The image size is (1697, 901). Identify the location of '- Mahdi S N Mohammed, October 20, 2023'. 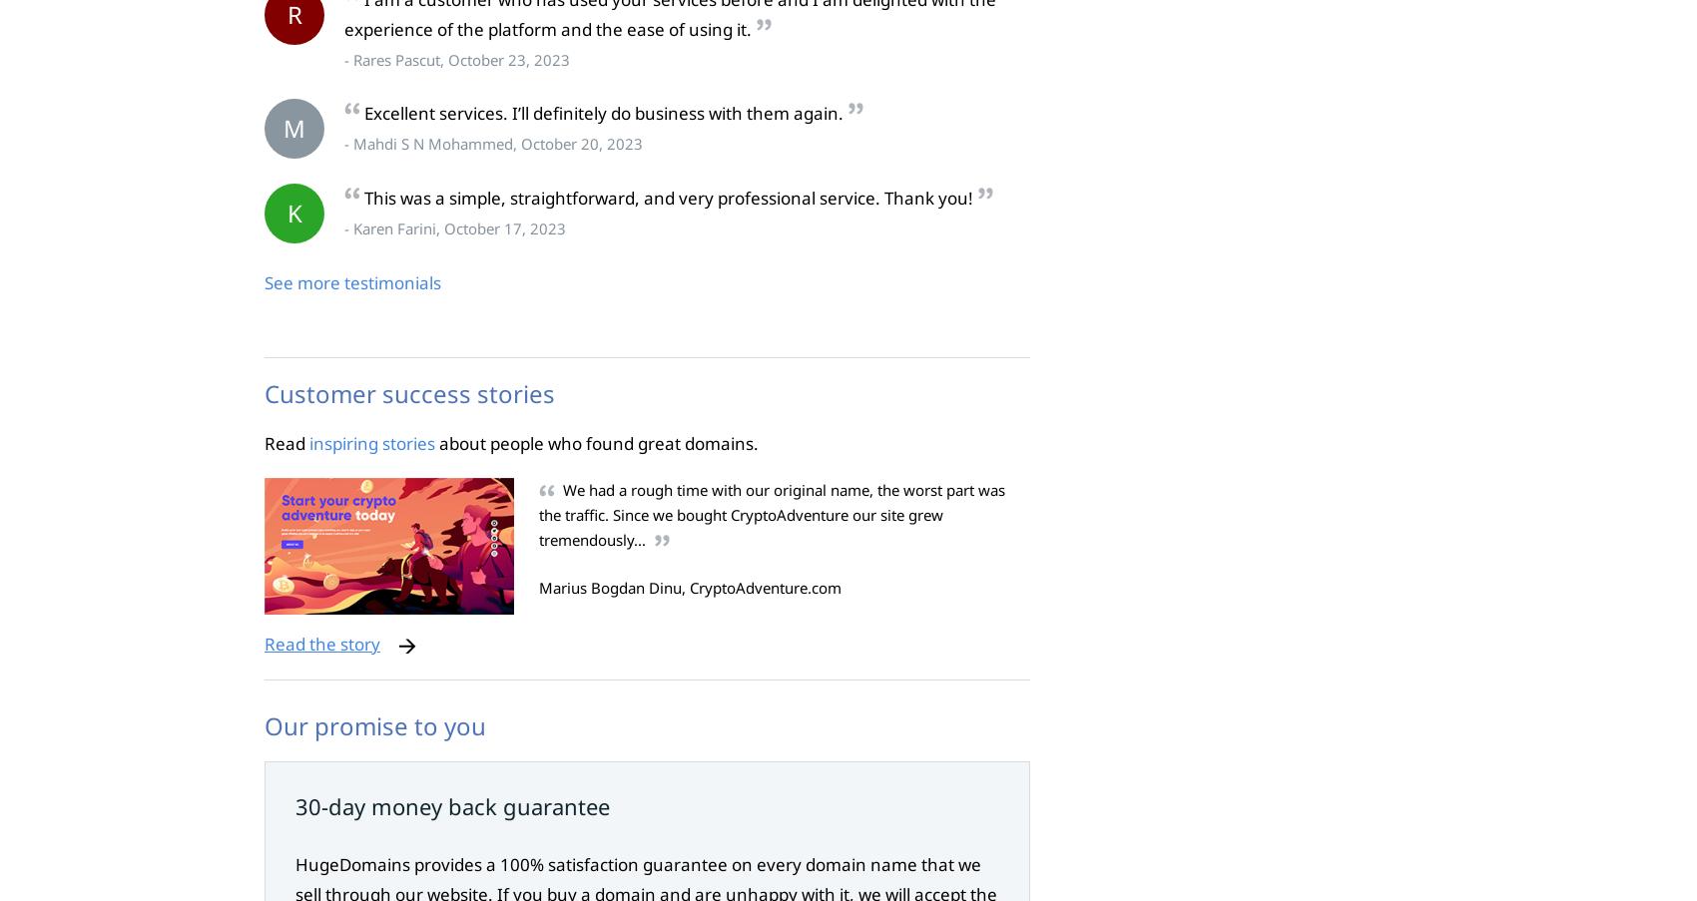
(493, 143).